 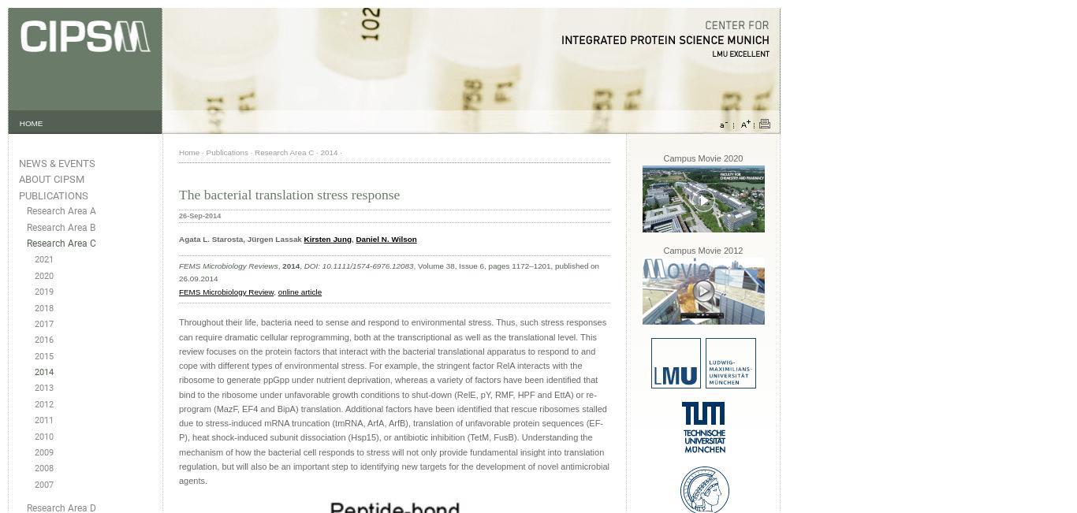 I want to click on 'The bacterial translation stress response', so click(x=289, y=194).